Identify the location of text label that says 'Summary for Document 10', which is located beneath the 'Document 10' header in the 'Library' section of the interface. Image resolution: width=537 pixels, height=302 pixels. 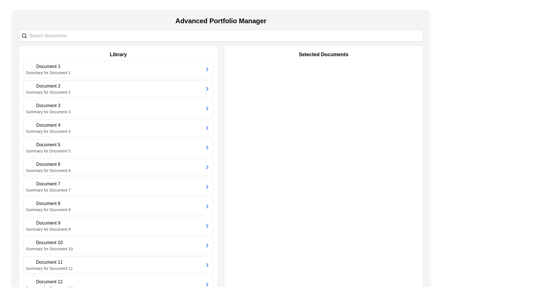
(49, 249).